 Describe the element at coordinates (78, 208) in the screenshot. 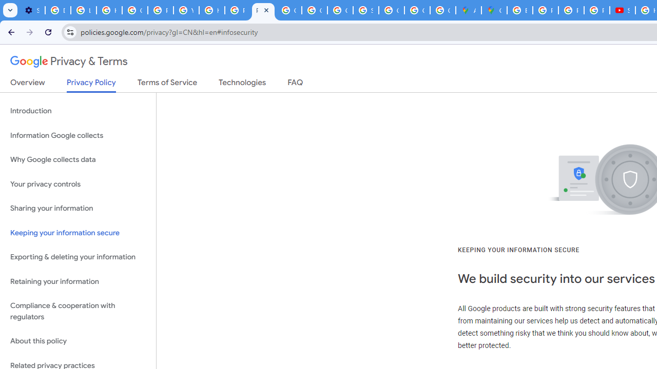

I see `'Sharing your information'` at that location.